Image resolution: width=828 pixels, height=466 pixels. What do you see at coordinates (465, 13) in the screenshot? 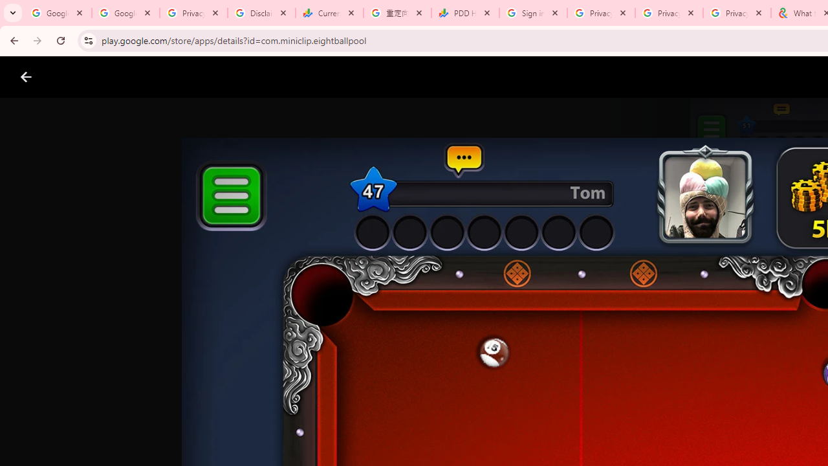
I see `'PDD Holdings Inc - ADR (PDD) Price & News - Google Finance'` at bounding box center [465, 13].